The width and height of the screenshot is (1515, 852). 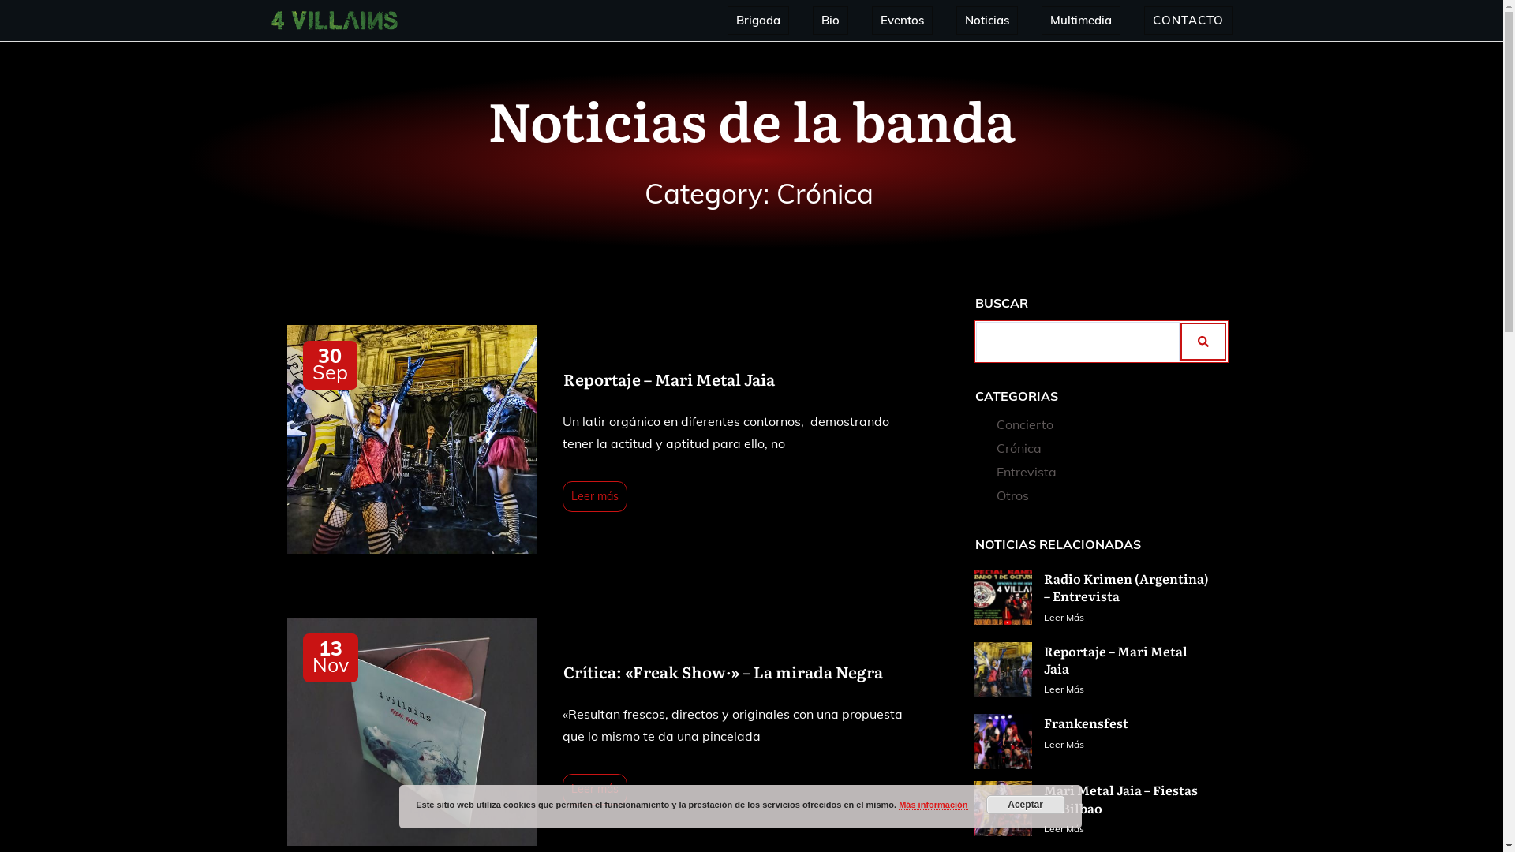 What do you see at coordinates (985, 21) in the screenshot?
I see `'Noticias'` at bounding box center [985, 21].